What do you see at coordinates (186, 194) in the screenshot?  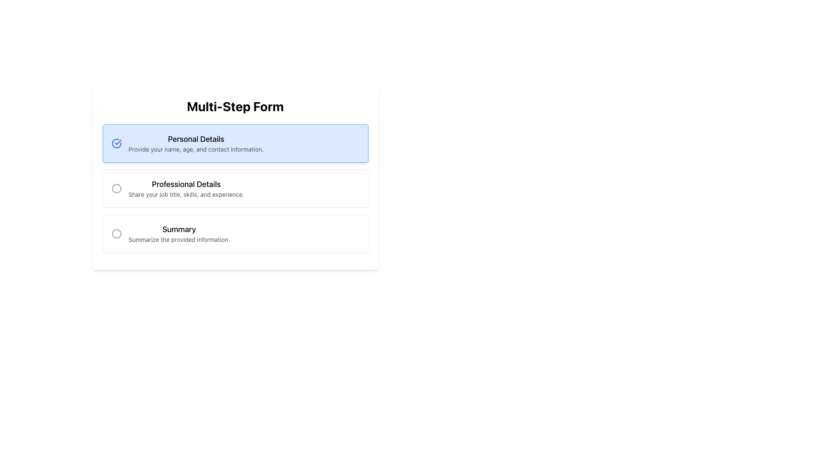 I see `the static text label providing additional information related to the 'Professional Details' section, located immediately below the 'Professional Details' title` at bounding box center [186, 194].